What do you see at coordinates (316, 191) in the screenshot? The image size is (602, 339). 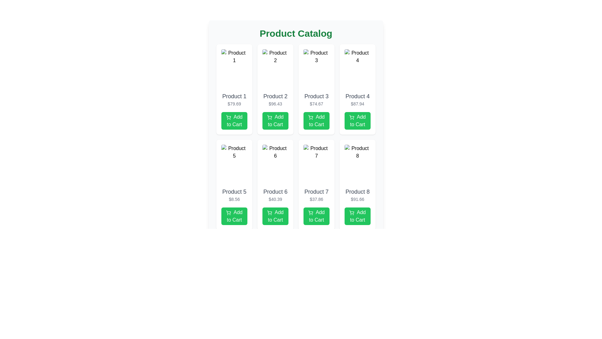 I see `the text label displaying 'Product 7' in the second row and third column of the 'Product Catalog'` at bounding box center [316, 191].